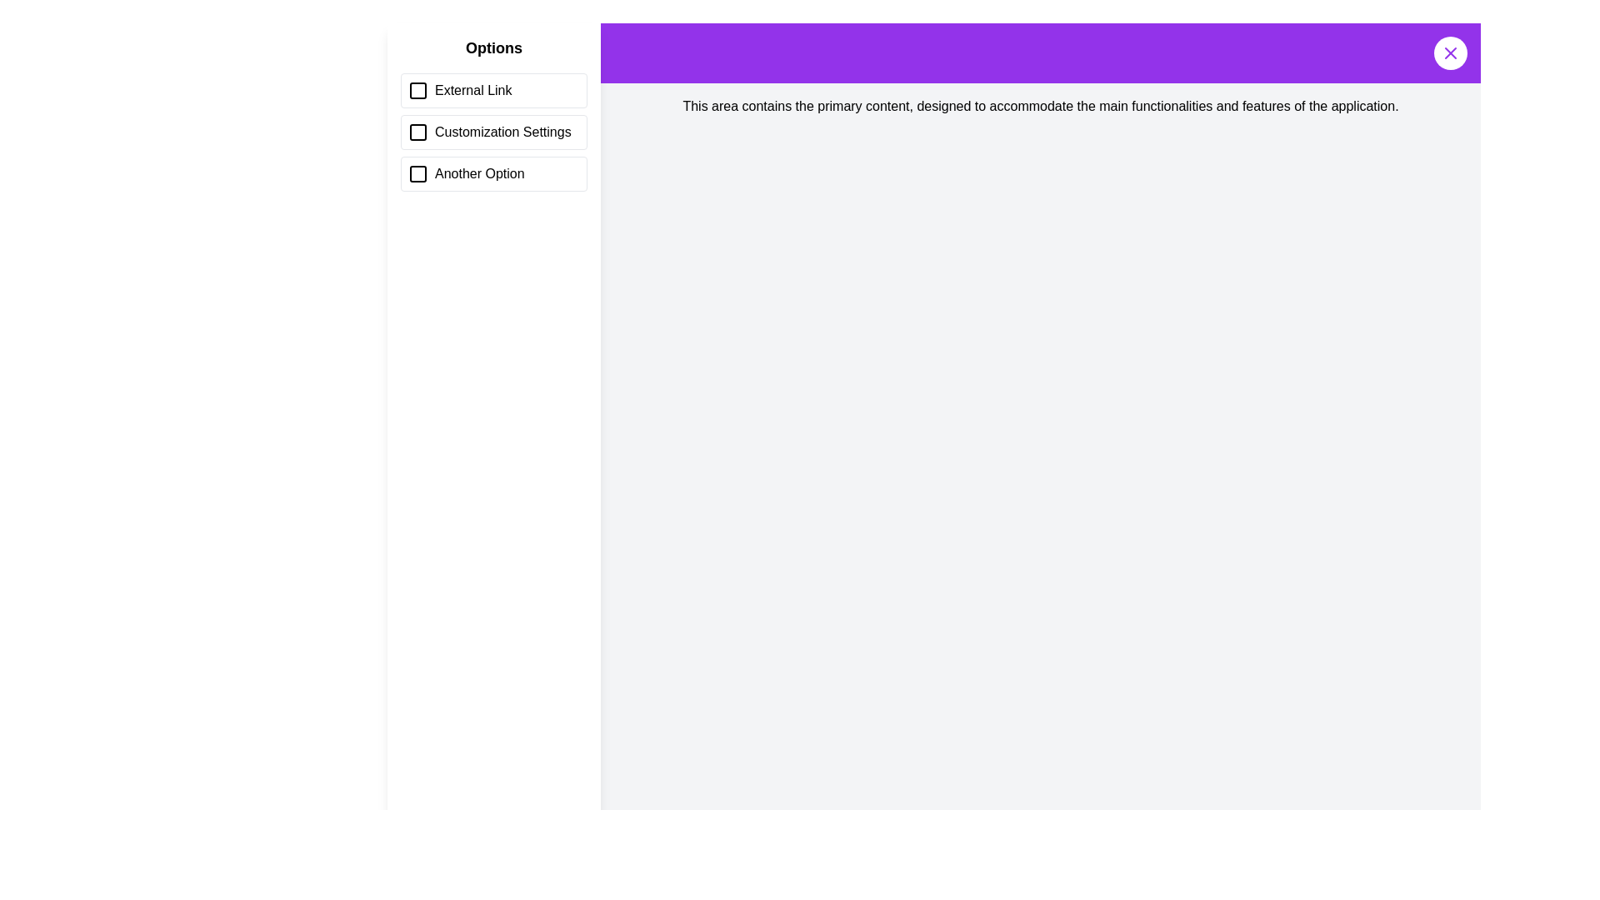  Describe the element at coordinates (418, 131) in the screenshot. I see `the icon for 'Customization Settings'` at that location.